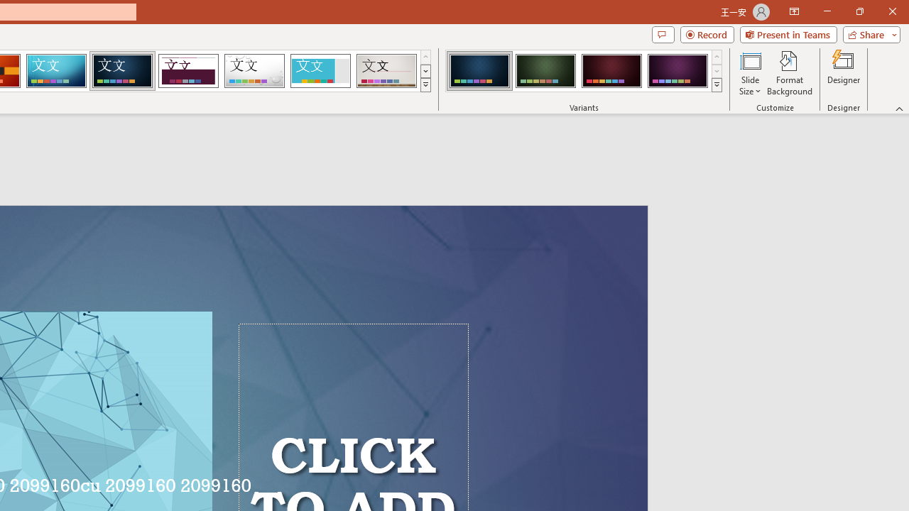 This screenshot has width=909, height=511. I want to click on 'Variants', so click(717, 85).